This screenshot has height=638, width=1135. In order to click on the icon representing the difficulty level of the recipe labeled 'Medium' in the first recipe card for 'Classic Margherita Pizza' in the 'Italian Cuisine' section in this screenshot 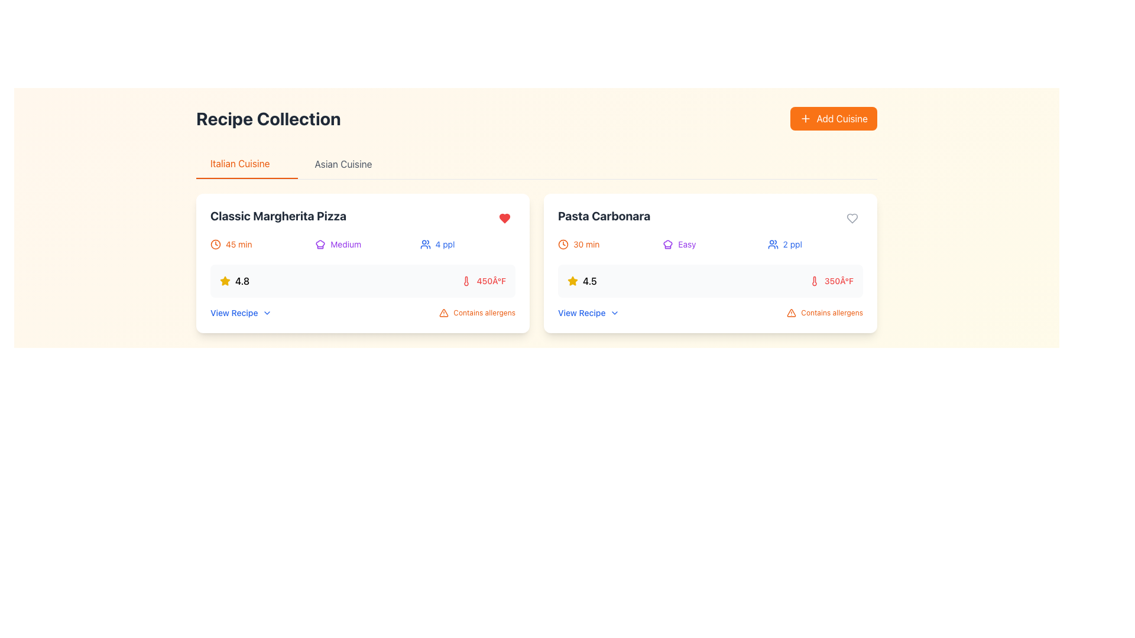, I will do `click(320, 243)`.